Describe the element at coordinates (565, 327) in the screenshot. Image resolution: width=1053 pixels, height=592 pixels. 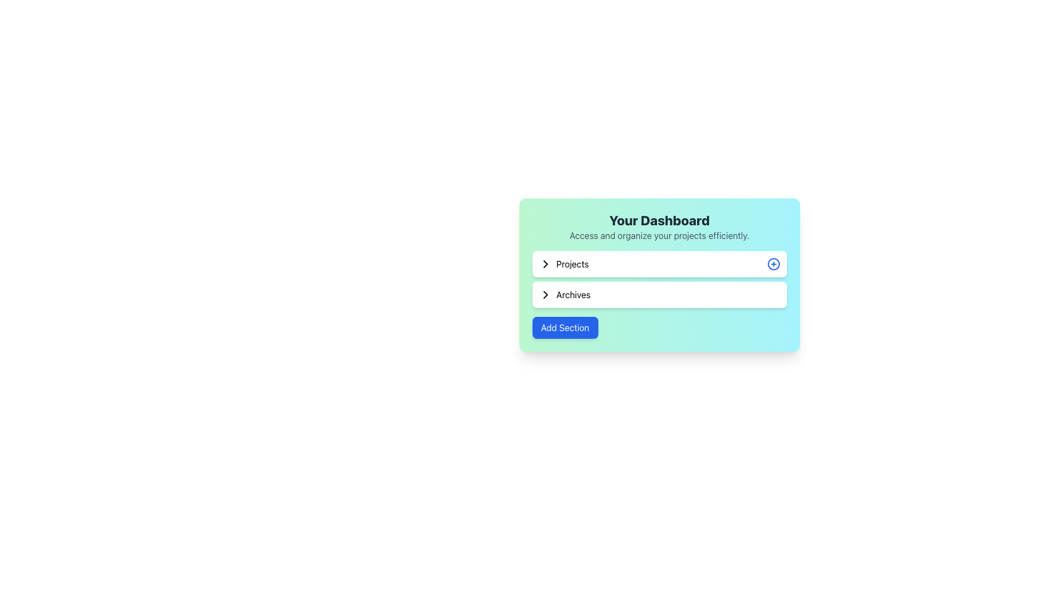
I see `the 'Add New Section' button located at the bottom-left of the 'Your Dashboard' card` at that location.